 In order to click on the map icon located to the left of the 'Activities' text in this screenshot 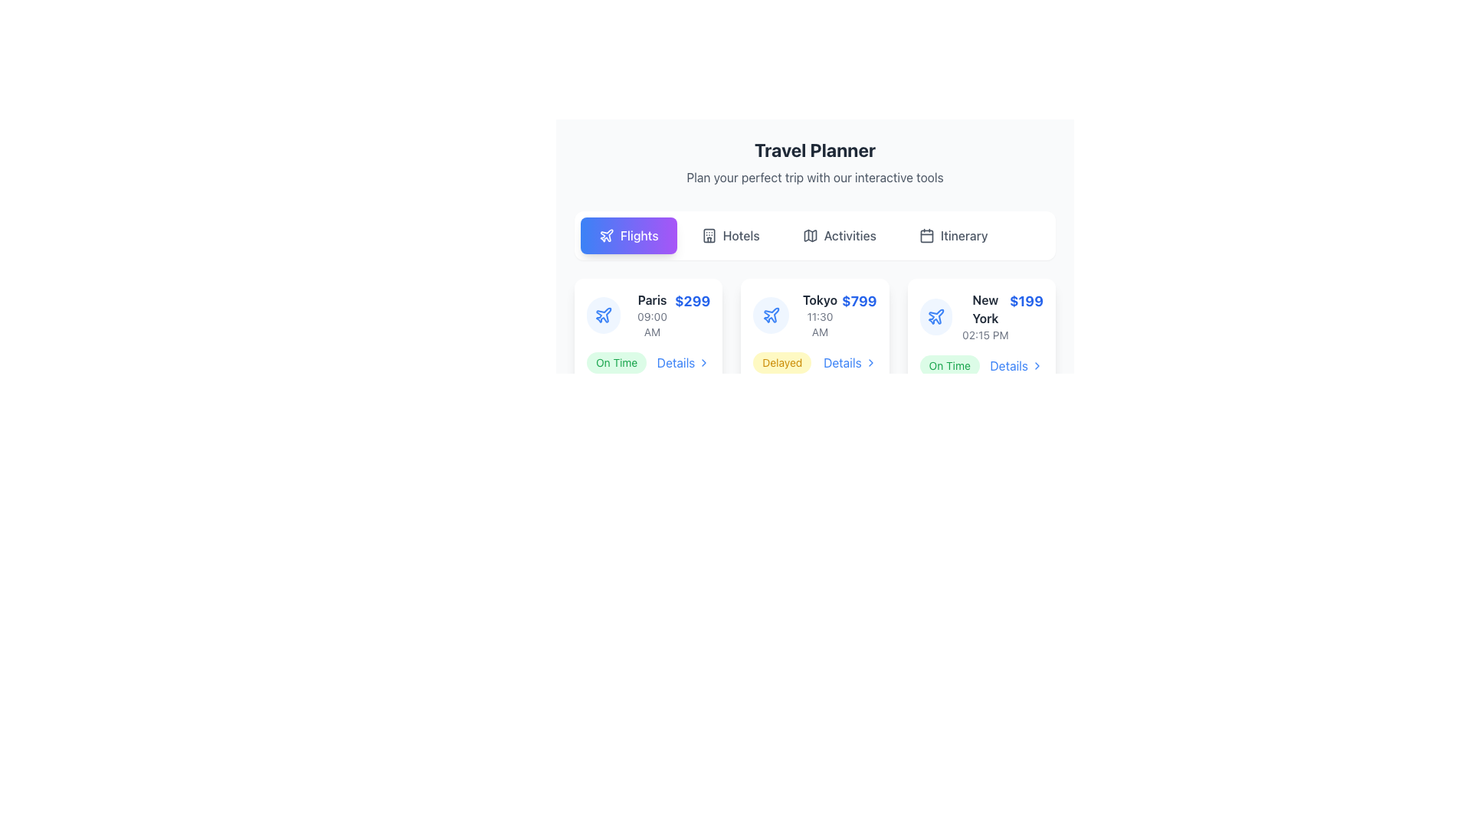, I will do `click(809, 236)`.